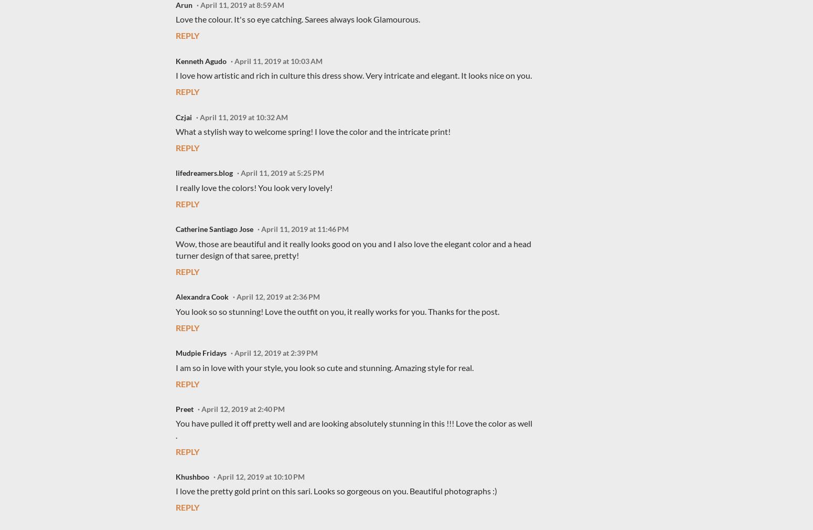 This screenshot has height=530, width=813. What do you see at coordinates (200, 4) in the screenshot?
I see `'April 11, 2019 at 8:59 AM'` at bounding box center [200, 4].